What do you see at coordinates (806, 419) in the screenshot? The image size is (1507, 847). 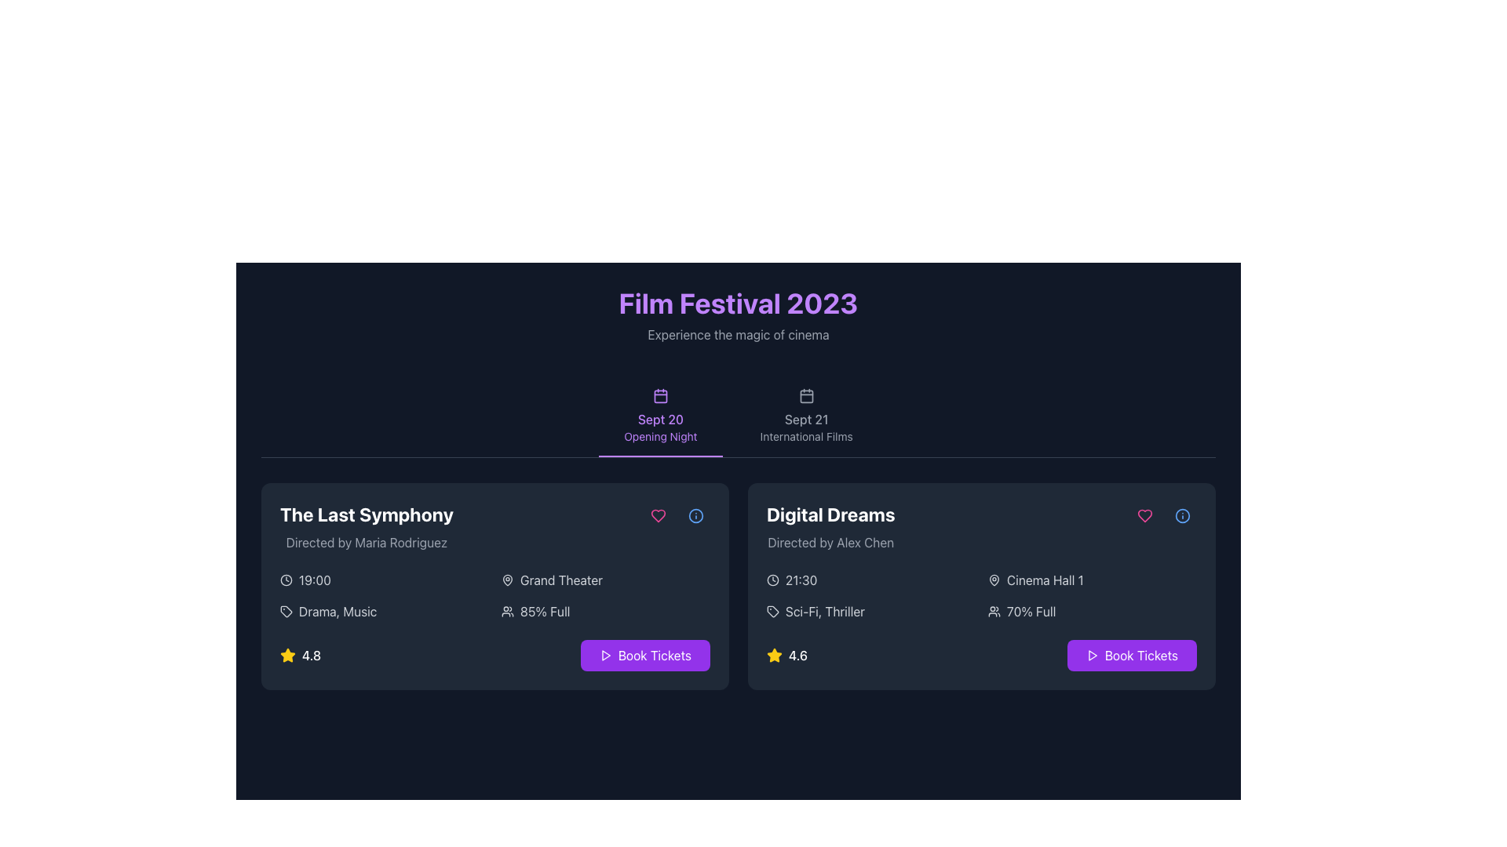 I see `the text label displaying the date 'Sept 21,' which is part of an interactive section for event activities, located to the right of 'Sept 20 Opening Night.'` at bounding box center [806, 419].